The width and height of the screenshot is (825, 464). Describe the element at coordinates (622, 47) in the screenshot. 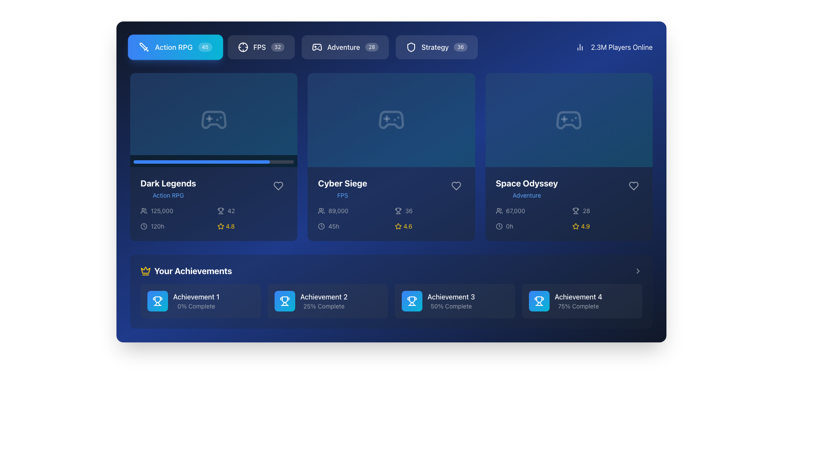

I see `displayed text from the Text label indicating the current number of players online, located at the top-right corner of the interface` at that location.